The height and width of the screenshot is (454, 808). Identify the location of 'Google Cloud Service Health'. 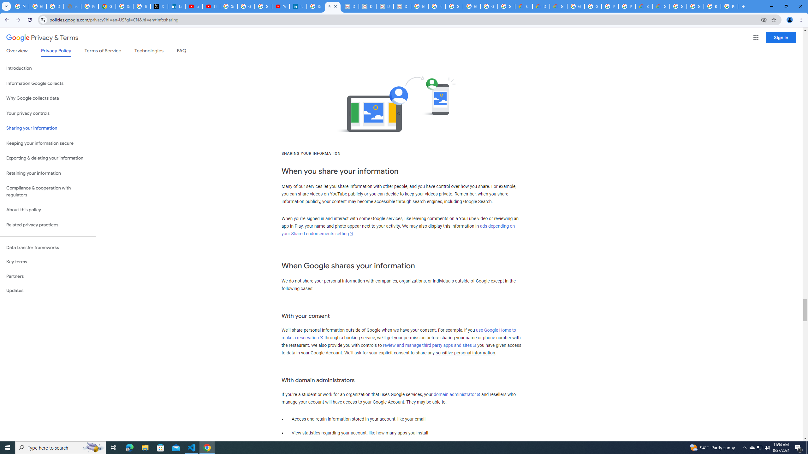
(661, 6).